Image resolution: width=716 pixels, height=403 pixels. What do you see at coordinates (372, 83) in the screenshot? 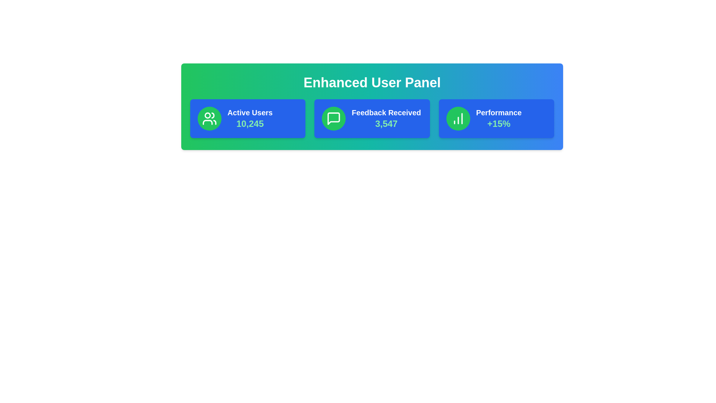
I see `the title 'Enhanced User Panel' to inspect its details` at bounding box center [372, 83].